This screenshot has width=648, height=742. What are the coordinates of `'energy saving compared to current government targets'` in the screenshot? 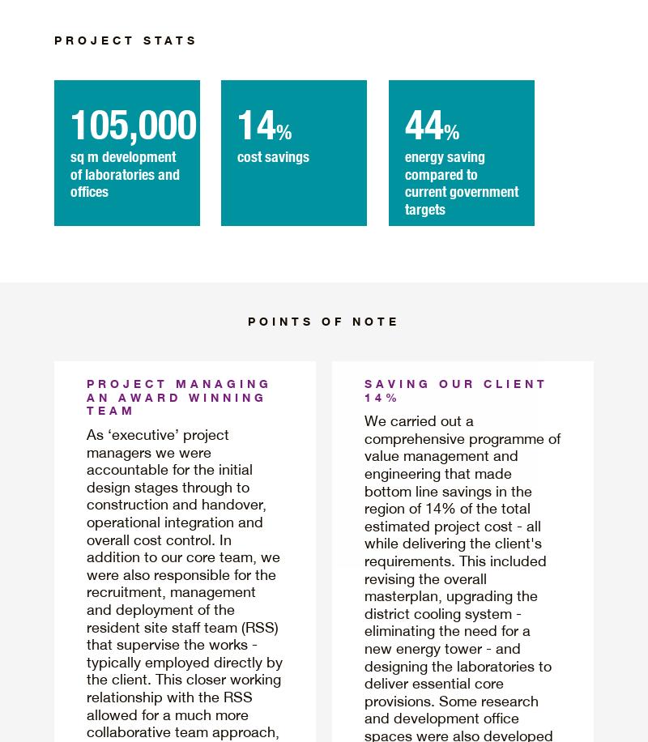 It's located at (459, 181).